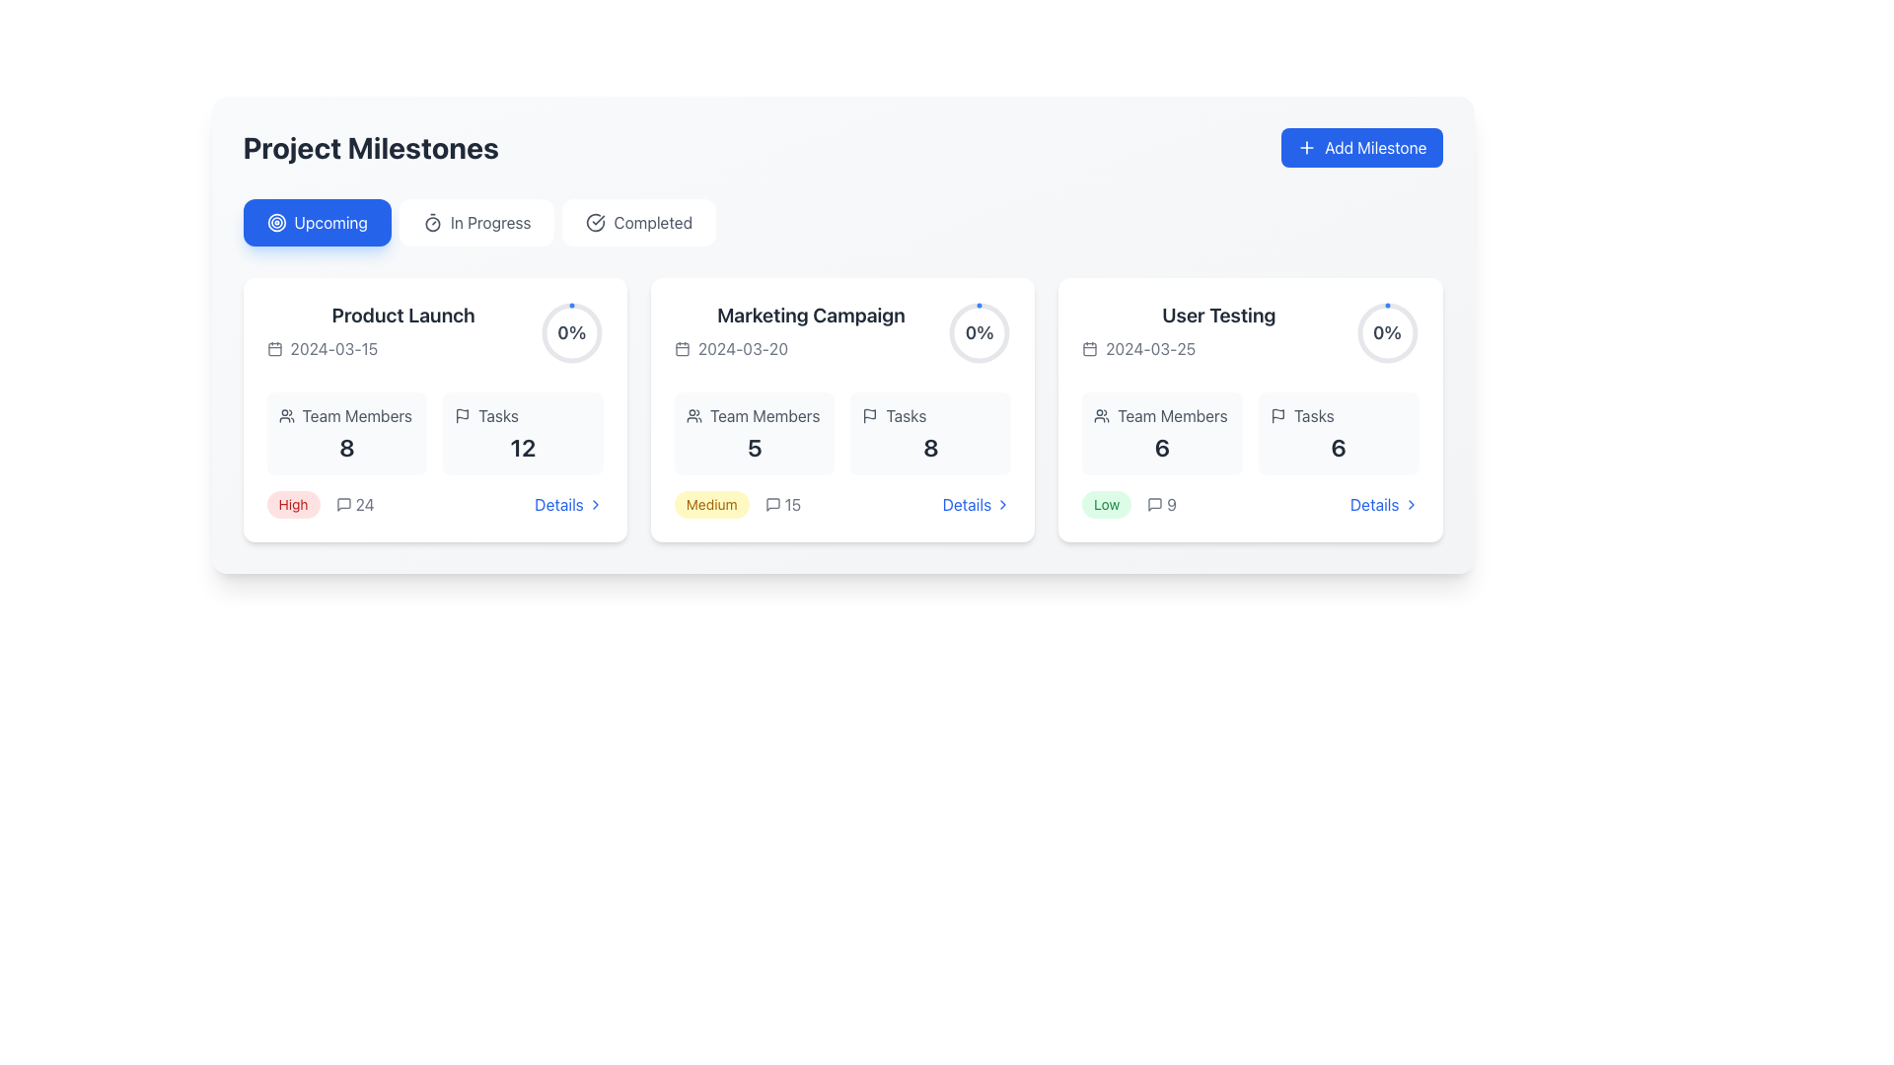 Image resolution: width=1894 pixels, height=1065 pixels. Describe the element at coordinates (275, 222) in the screenshot. I see `the middle-sized circle of the target icon located within the blue button labeled 'Upcoming'` at that location.